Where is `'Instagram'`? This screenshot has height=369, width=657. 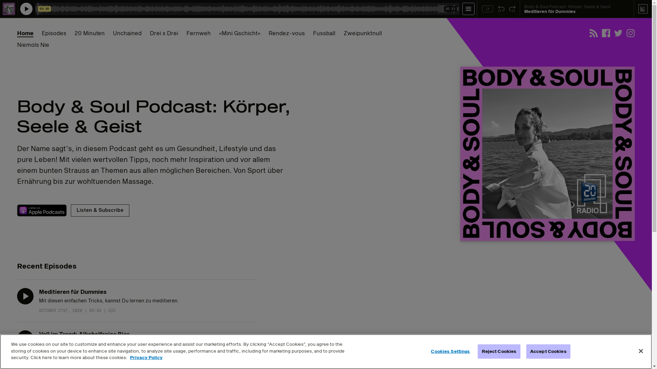 'Instagram' is located at coordinates (630, 33).